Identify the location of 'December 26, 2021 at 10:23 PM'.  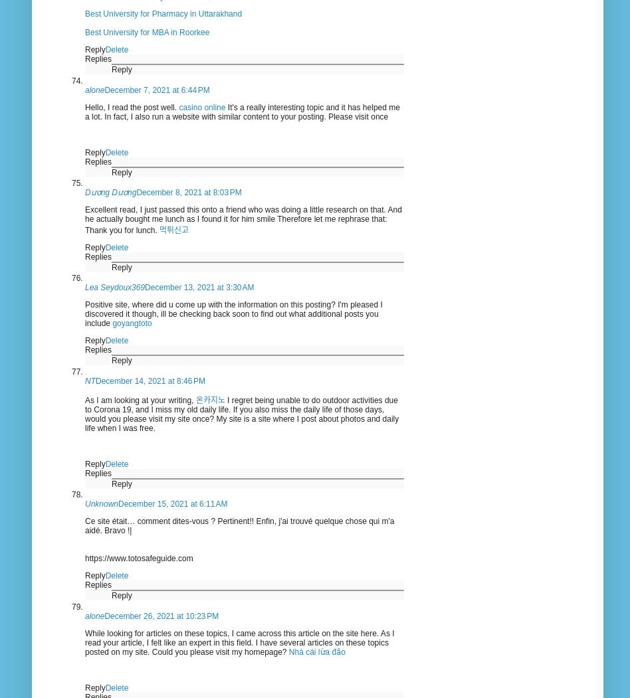
(161, 615).